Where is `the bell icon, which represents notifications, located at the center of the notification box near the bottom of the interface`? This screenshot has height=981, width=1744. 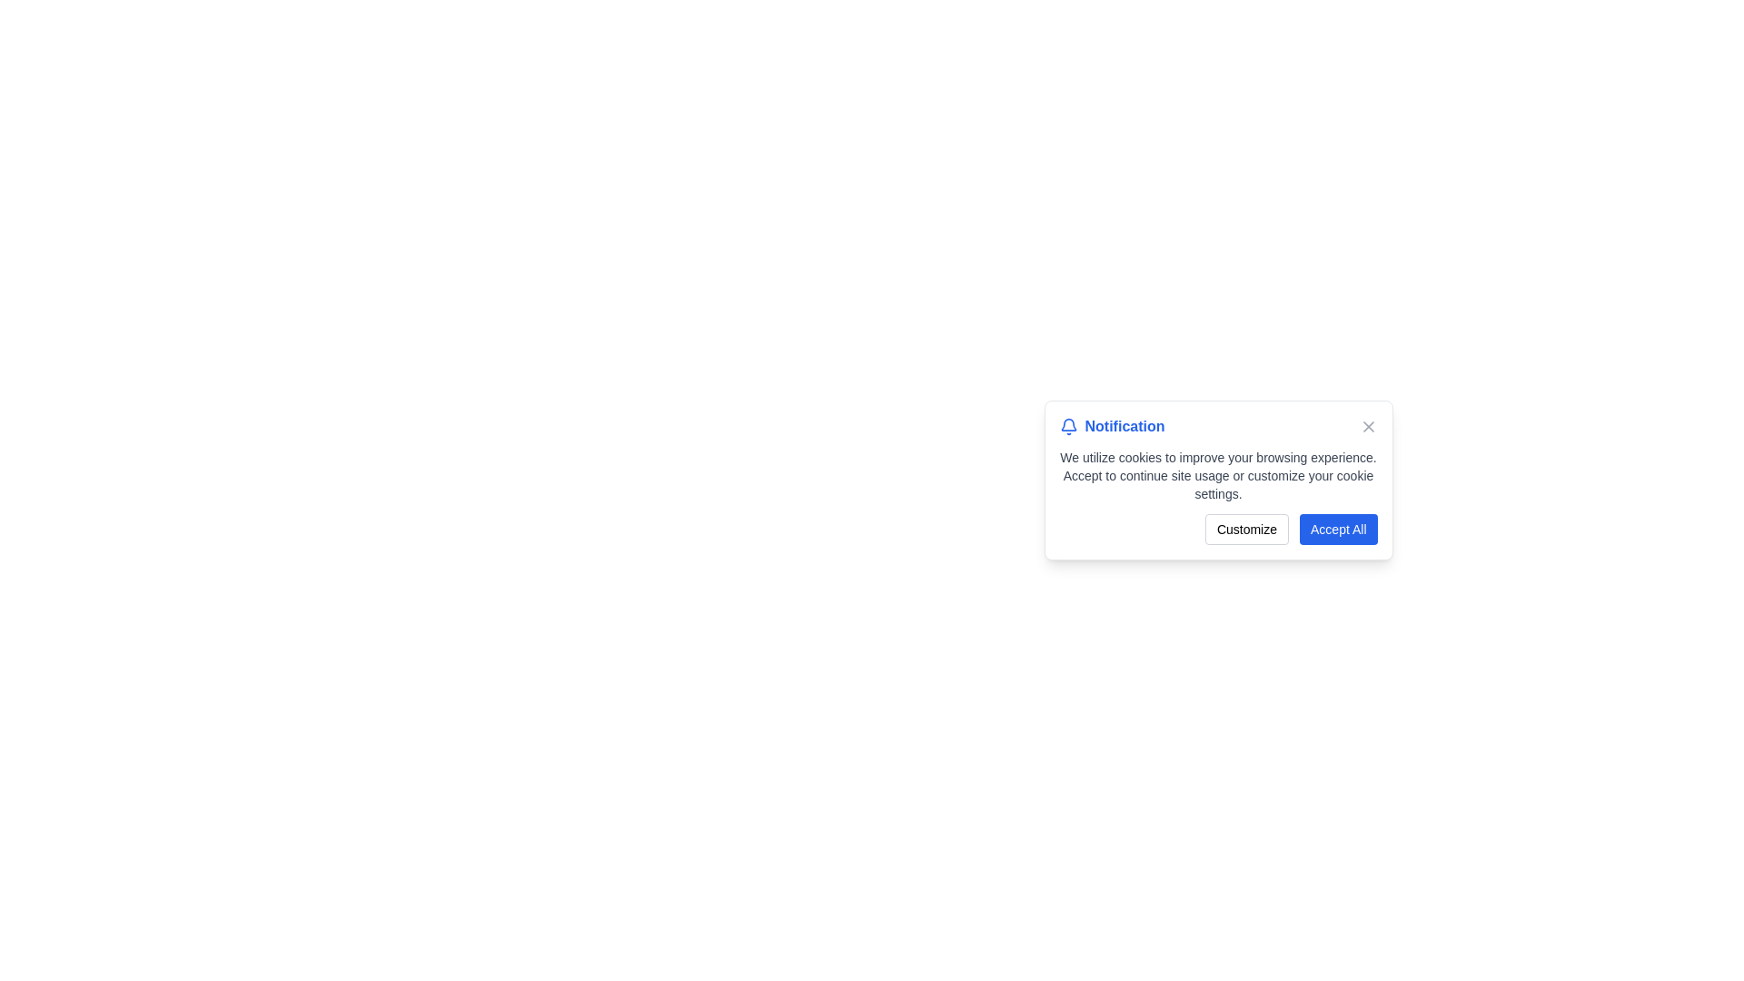 the bell icon, which represents notifications, located at the center of the notification box near the bottom of the interface is located at coordinates (1068, 427).